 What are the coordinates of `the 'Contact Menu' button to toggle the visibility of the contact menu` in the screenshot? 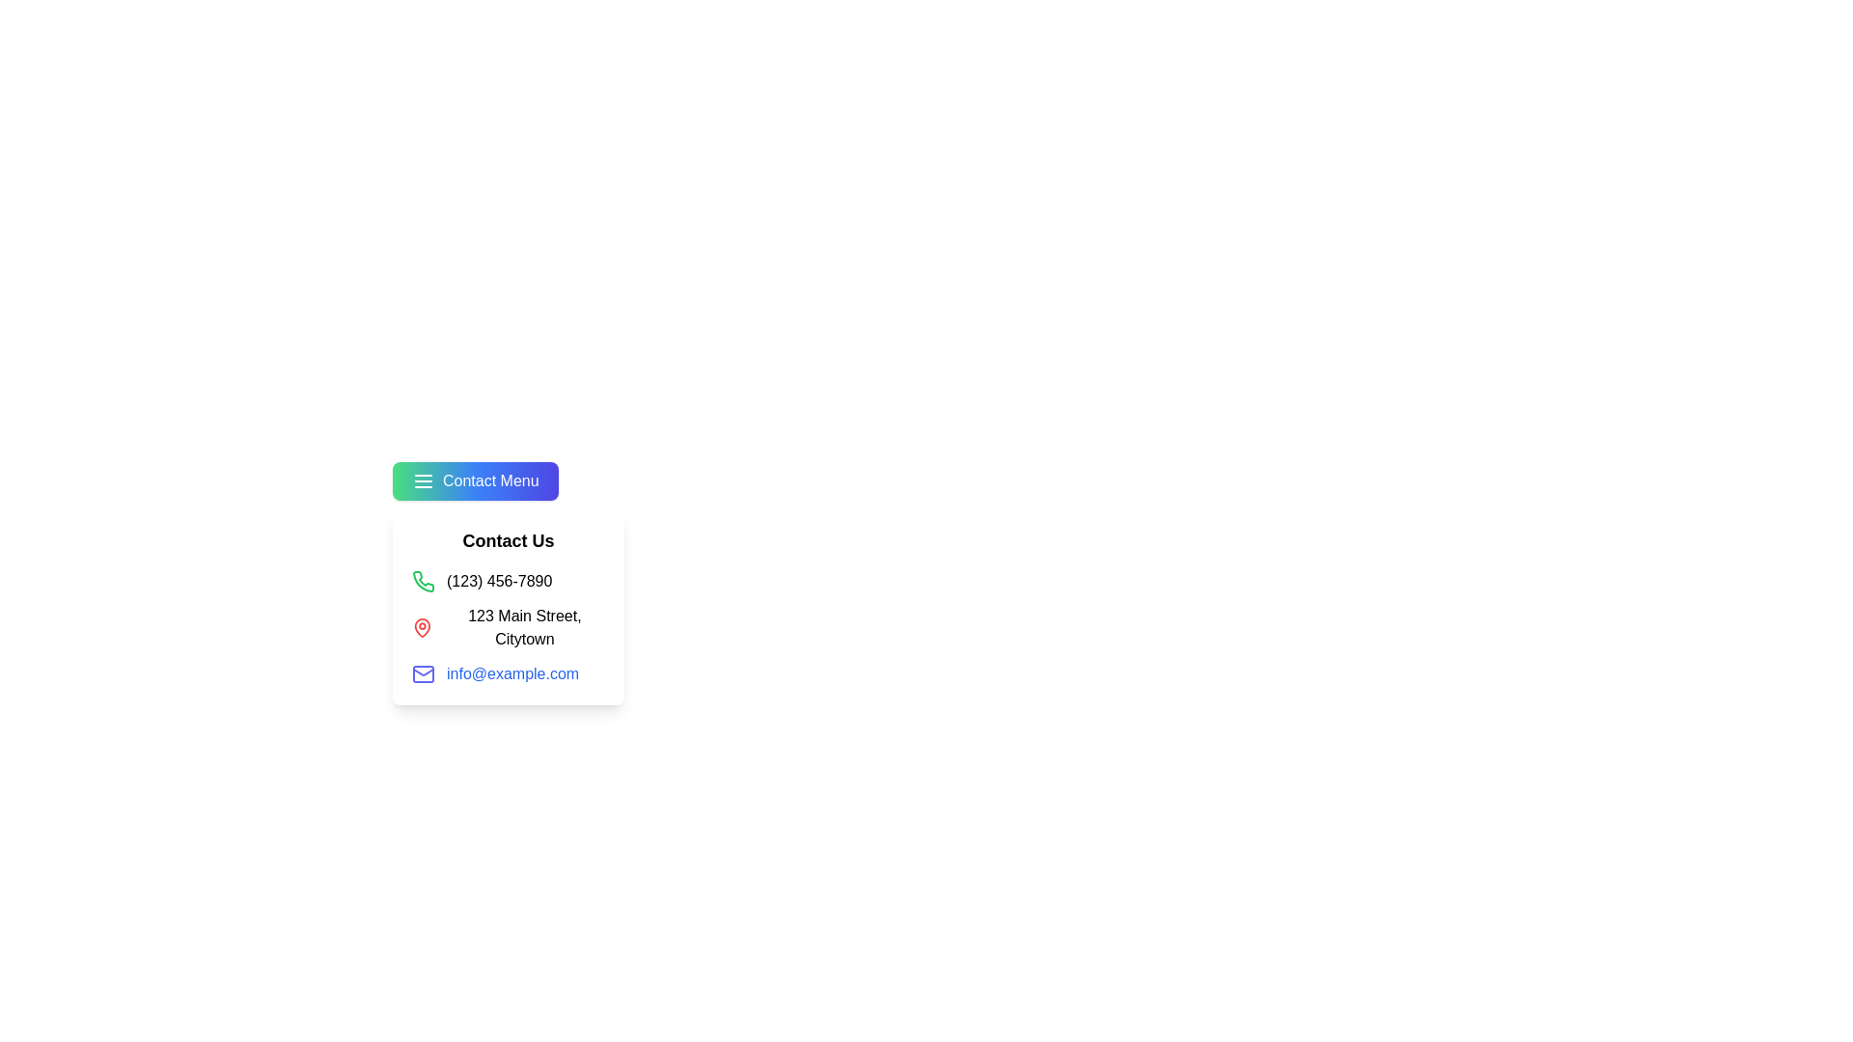 It's located at (474, 480).